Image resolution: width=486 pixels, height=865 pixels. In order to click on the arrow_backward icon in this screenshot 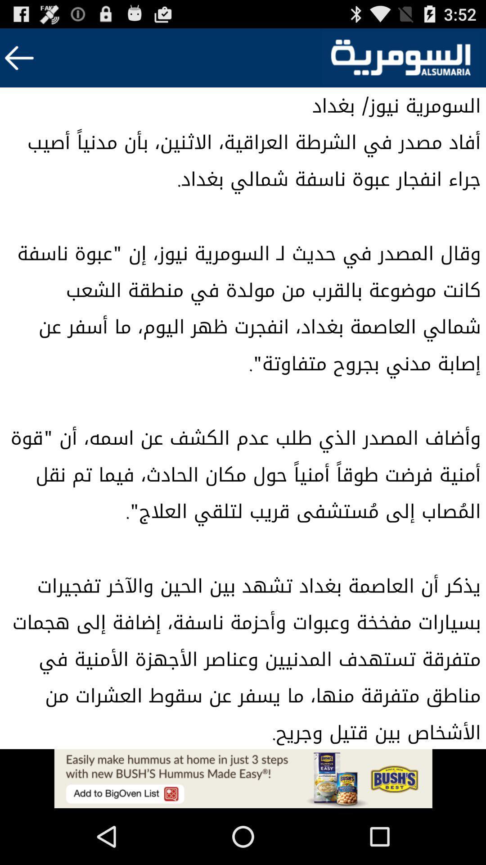, I will do `click(19, 61)`.